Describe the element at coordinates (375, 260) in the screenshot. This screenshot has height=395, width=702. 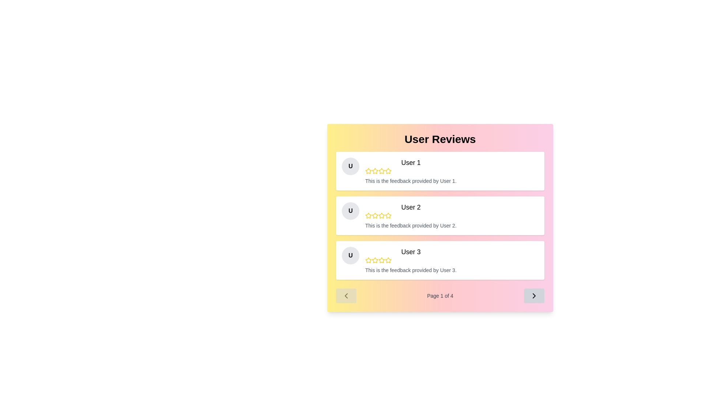
I see `the third star-shaped icon with a yellow border in the user review section for 'User 3', which indicates a rating system` at that location.